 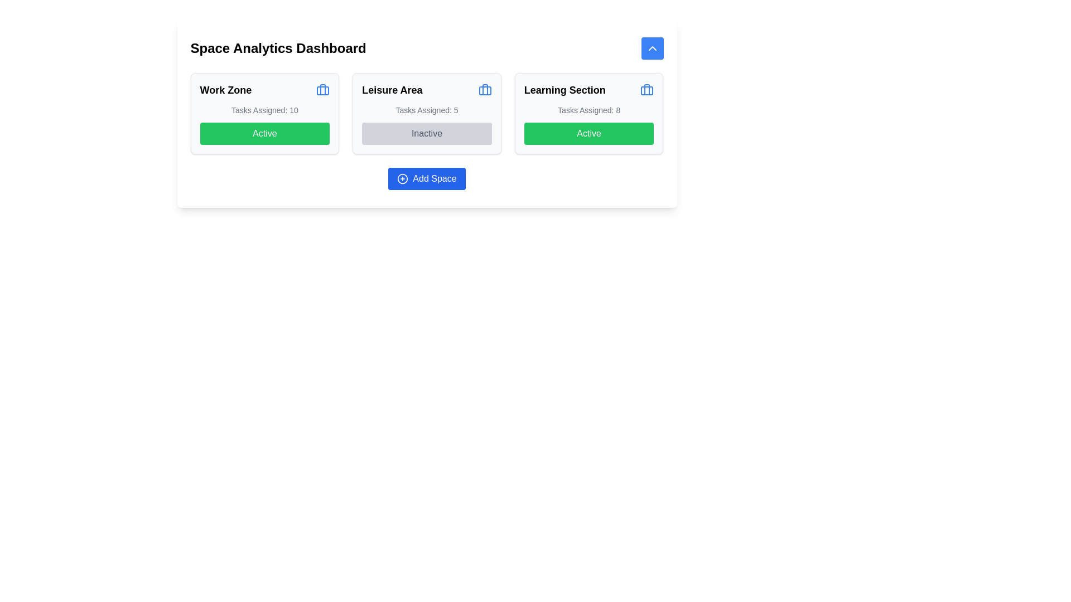 What do you see at coordinates (652, 48) in the screenshot?
I see `the blue circular button with a white upward-pointing chevron icon in the top-right corner of the 'Space Analytics Dashboard'` at bounding box center [652, 48].